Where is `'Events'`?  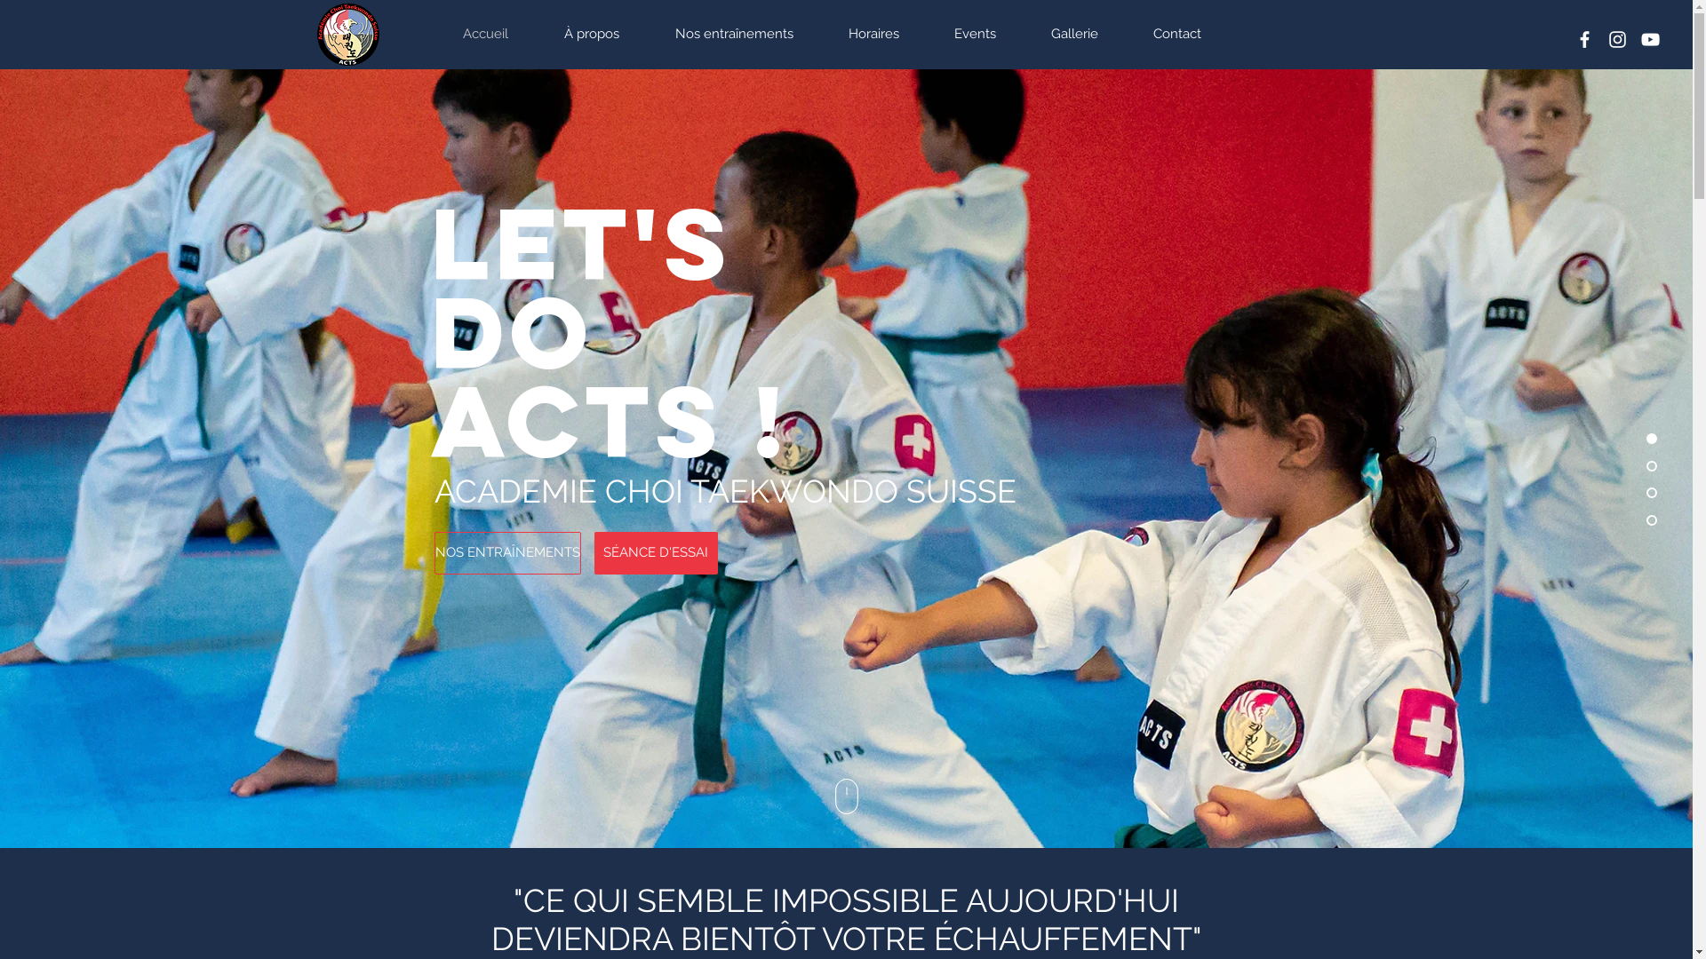
'Events' is located at coordinates (987, 34).